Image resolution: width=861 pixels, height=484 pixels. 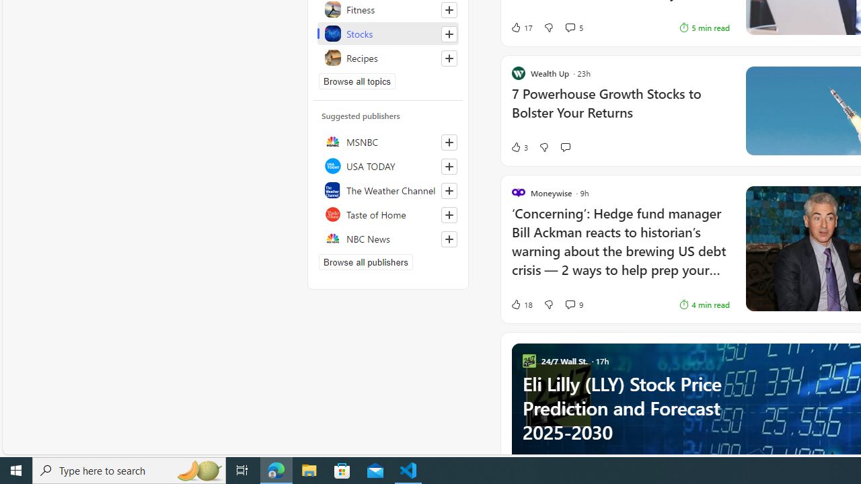 What do you see at coordinates (570, 304) in the screenshot?
I see `'View comments 9 Comment'` at bounding box center [570, 304].